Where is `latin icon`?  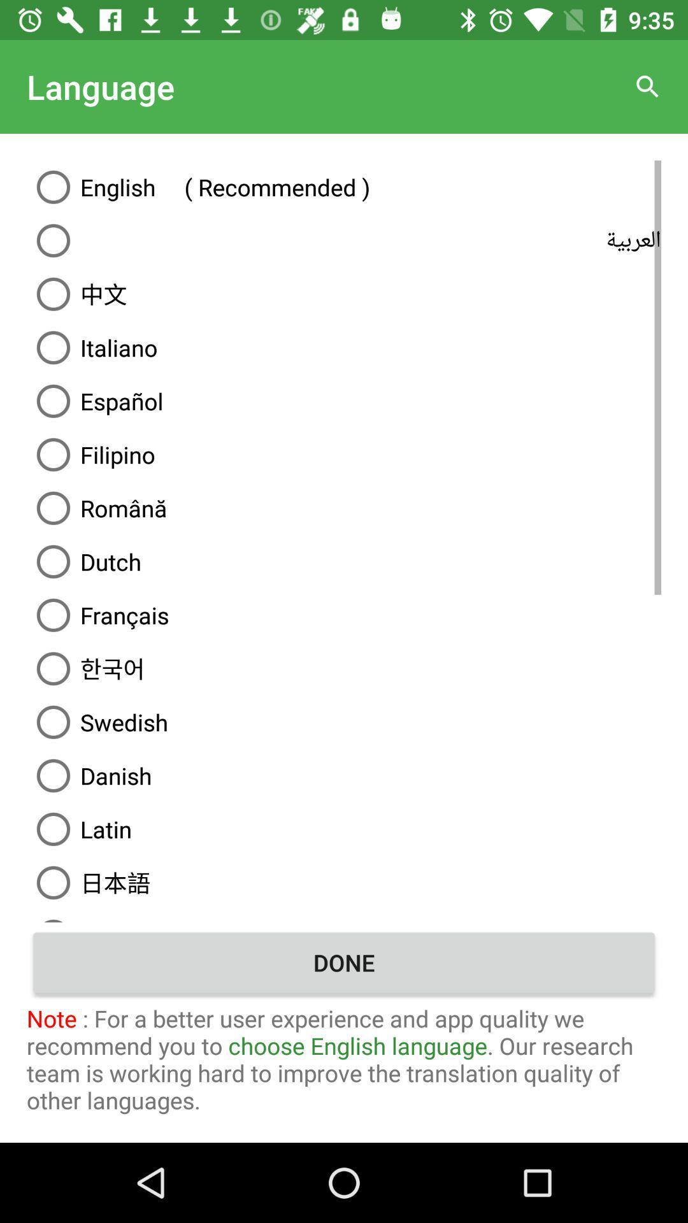 latin icon is located at coordinates (344, 829).